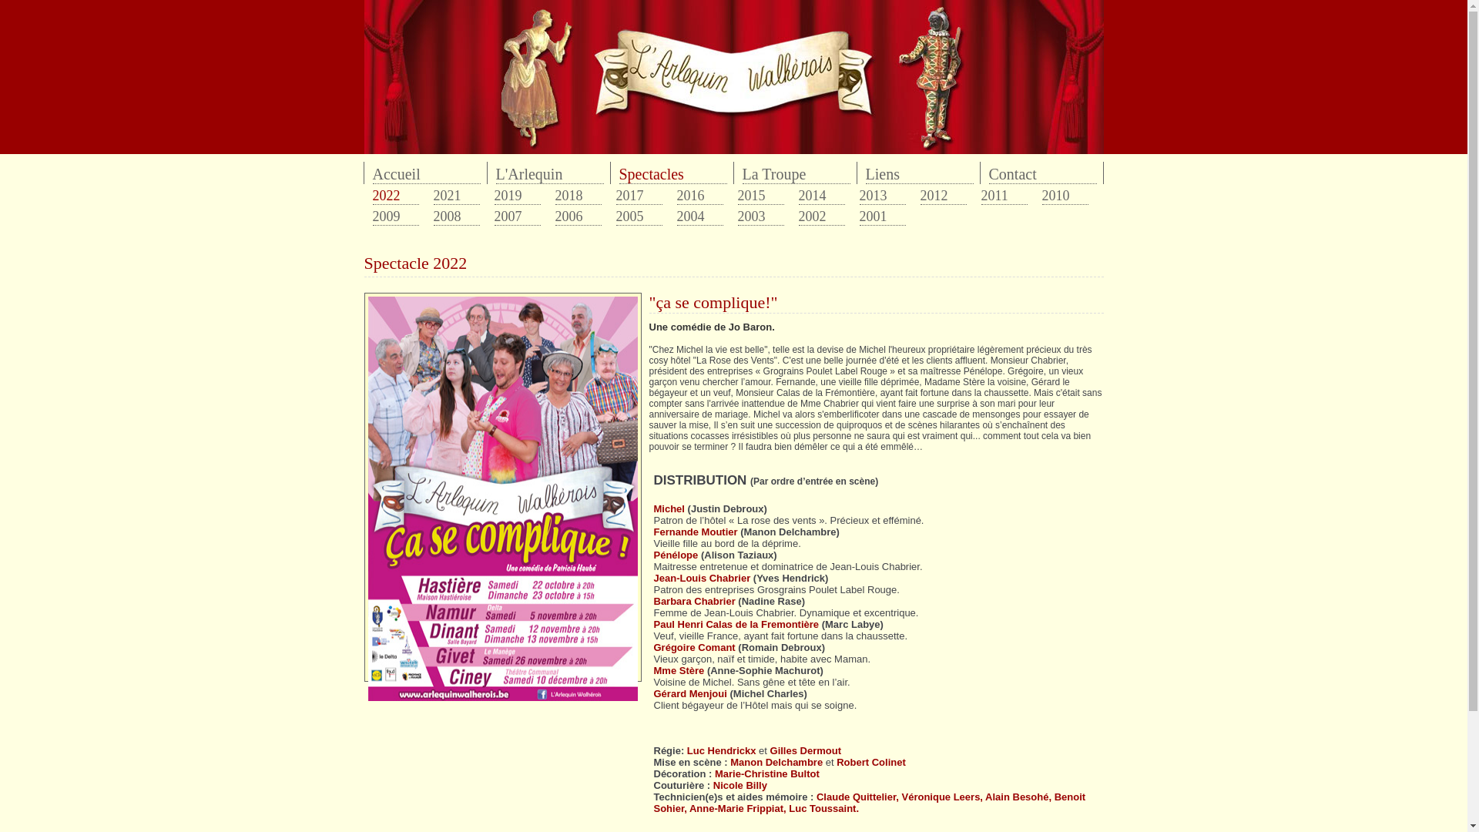 The height and width of the screenshot is (832, 1479). Describe the element at coordinates (796, 174) in the screenshot. I see `'La Troupe'` at that location.